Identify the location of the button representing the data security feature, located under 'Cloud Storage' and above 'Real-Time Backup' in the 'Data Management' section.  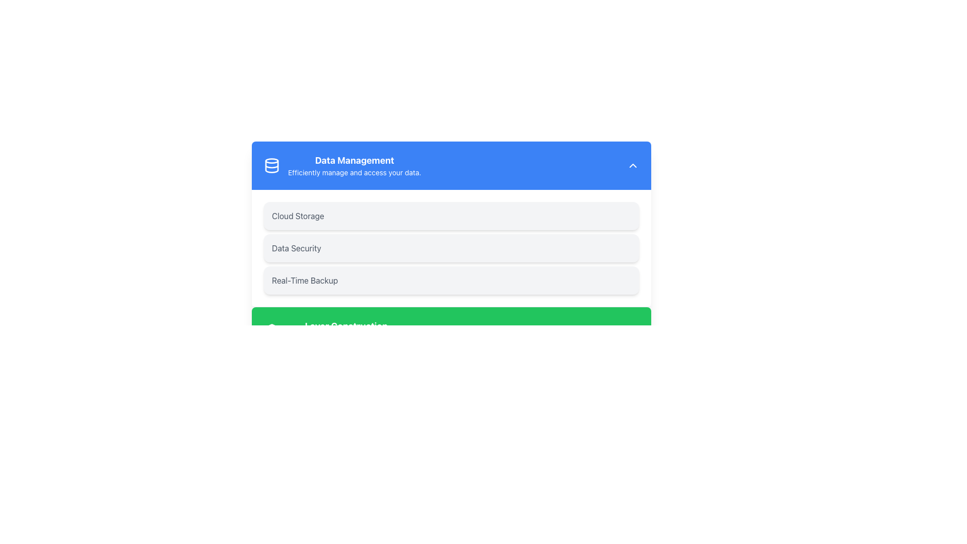
(451, 248).